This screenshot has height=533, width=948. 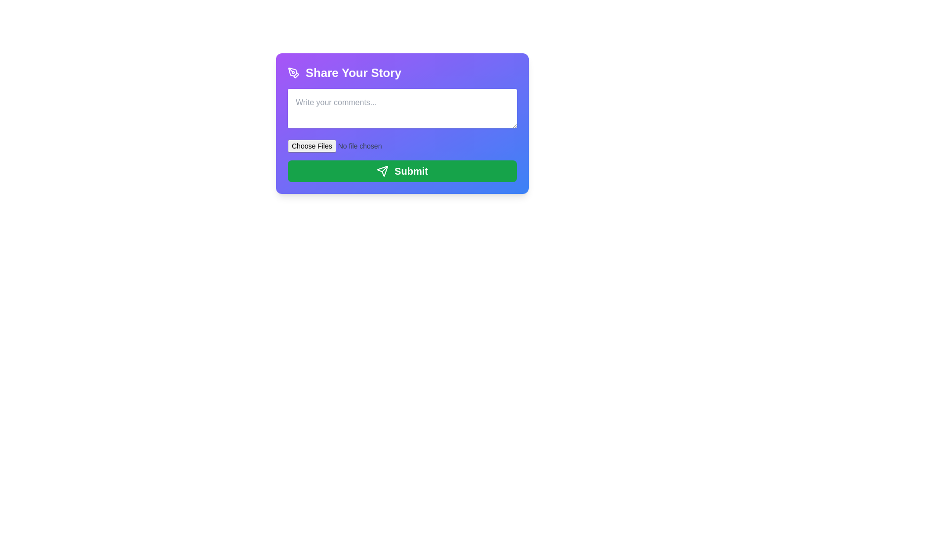 I want to click on the triangular icon resembling a paper plane, which is located at the bottom-right corner of the purple dialog box labeled 'Share Your Story', so click(x=382, y=171).